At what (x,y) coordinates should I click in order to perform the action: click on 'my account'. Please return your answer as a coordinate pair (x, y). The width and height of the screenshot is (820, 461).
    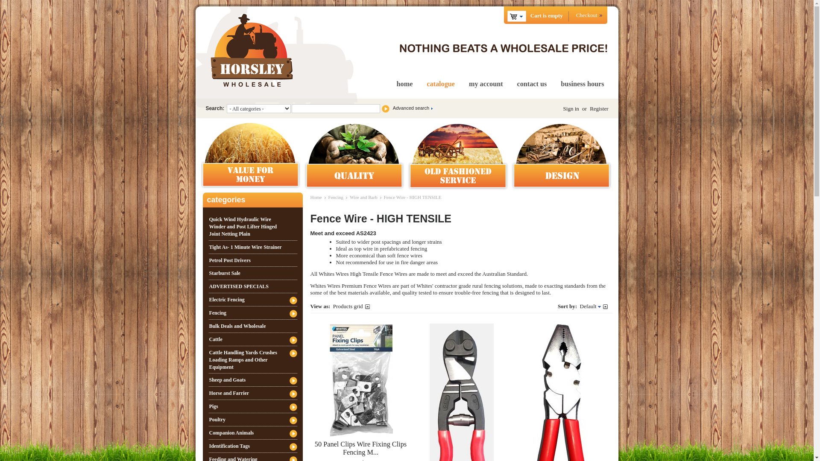
    Looking at the image, I should click on (486, 84).